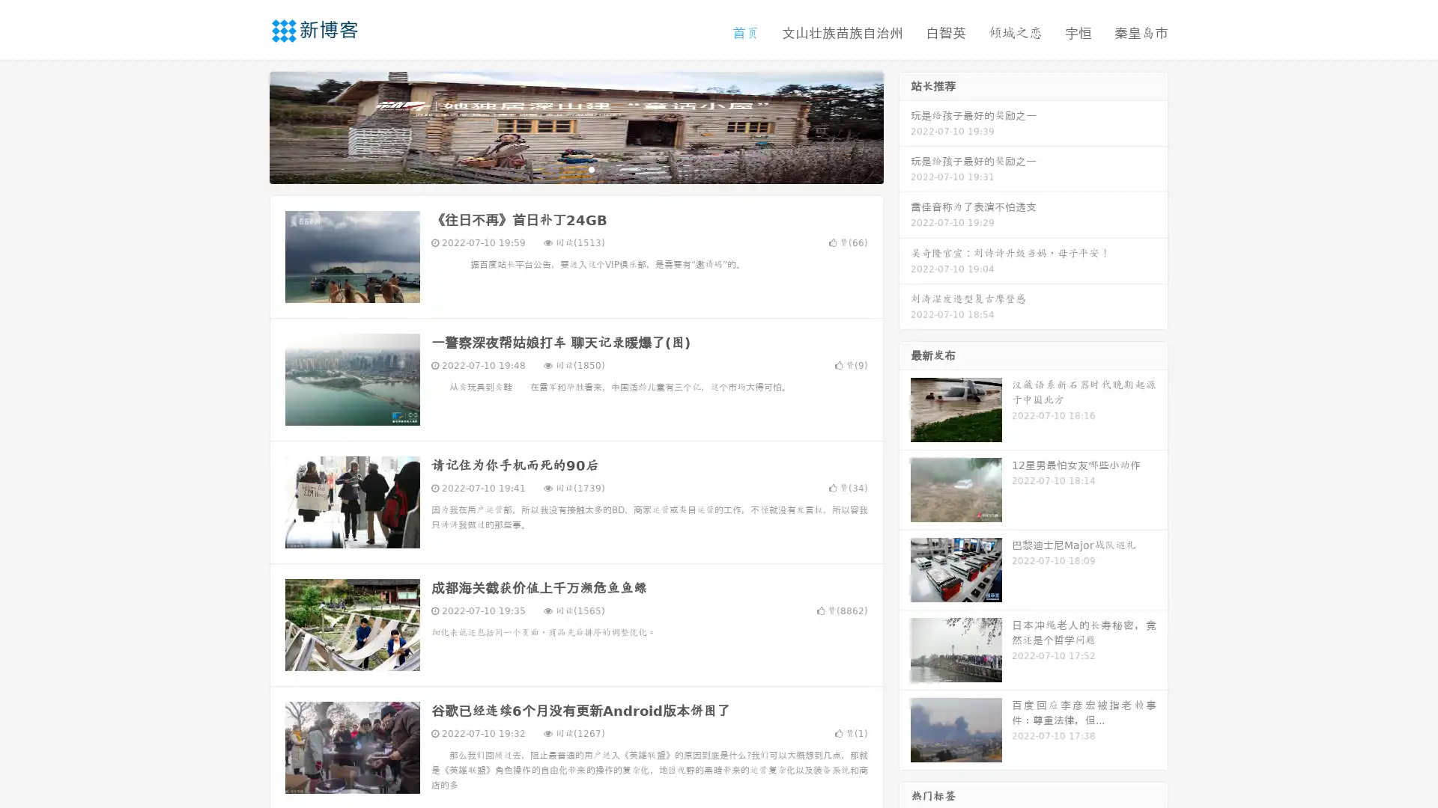  I want to click on Go to slide 2, so click(575, 168).